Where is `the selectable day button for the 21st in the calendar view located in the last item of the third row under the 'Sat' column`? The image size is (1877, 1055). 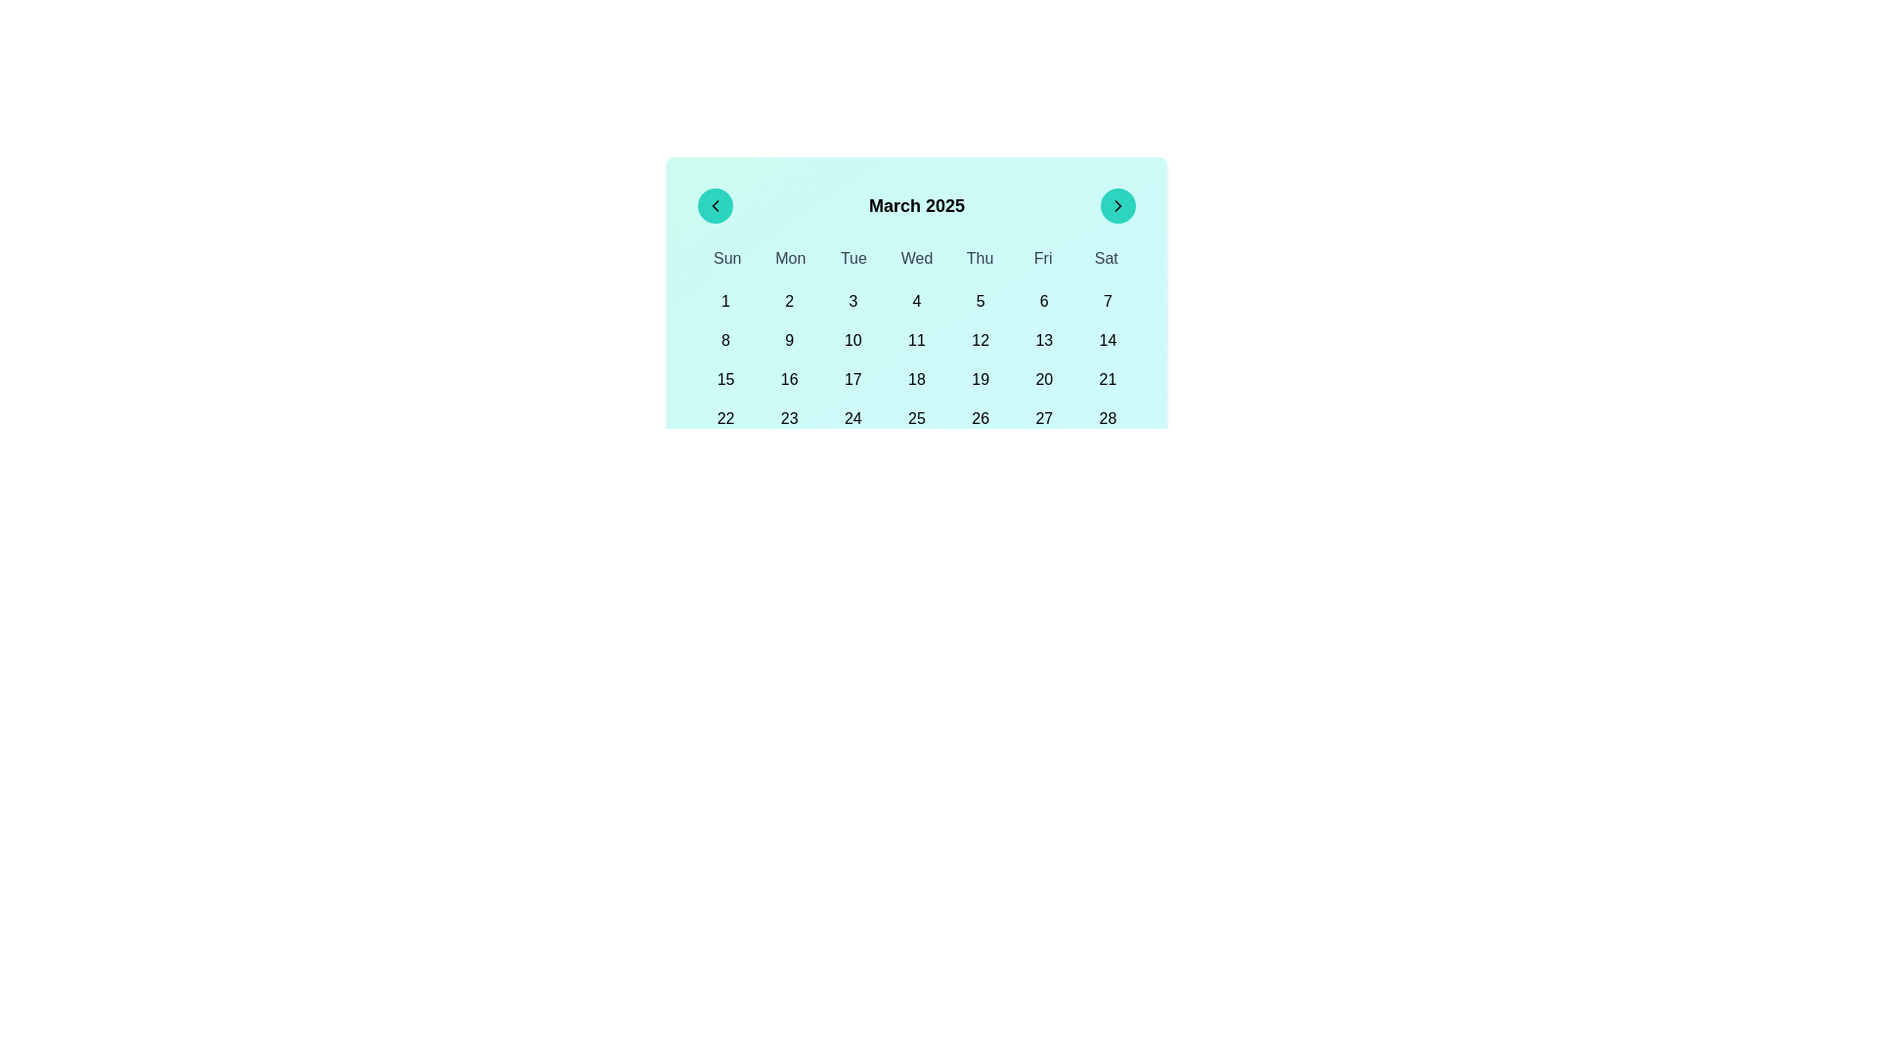 the selectable day button for the 21st in the calendar view located in the last item of the third row under the 'Sat' column is located at coordinates (1107, 380).